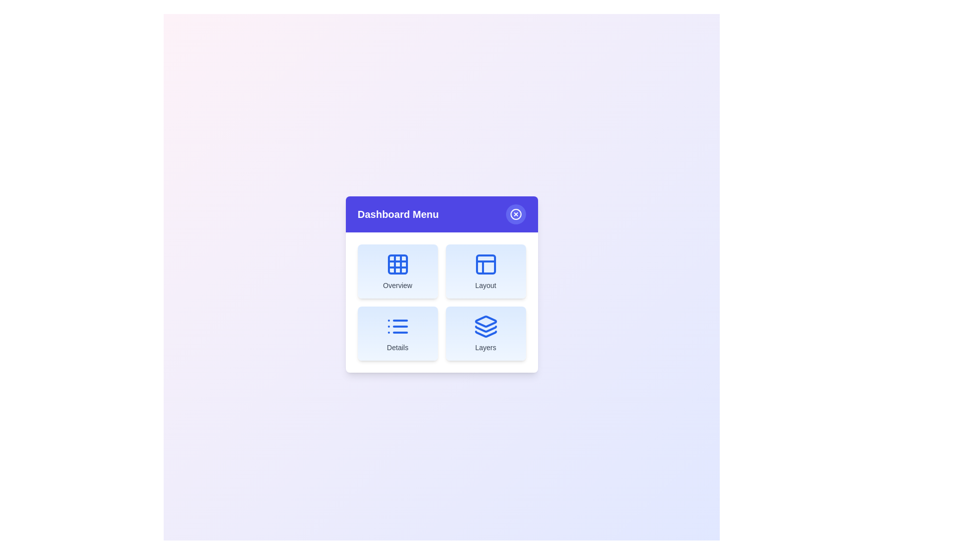 This screenshot has width=961, height=541. Describe the element at coordinates (397, 214) in the screenshot. I see `the 'Dashboard Menu' header text` at that location.